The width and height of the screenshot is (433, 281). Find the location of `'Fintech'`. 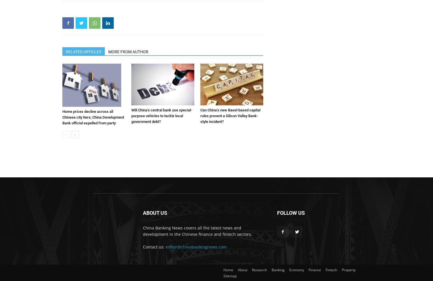

'Fintech' is located at coordinates (331, 269).